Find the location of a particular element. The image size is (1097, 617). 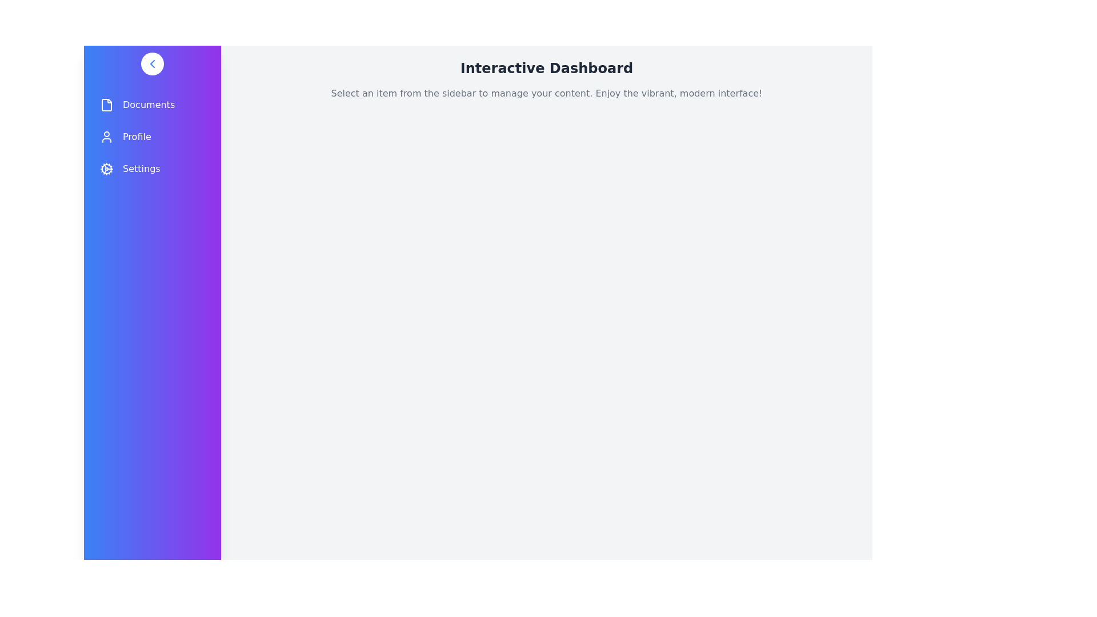

the navigation item Profile in the drawer is located at coordinates (152, 136).